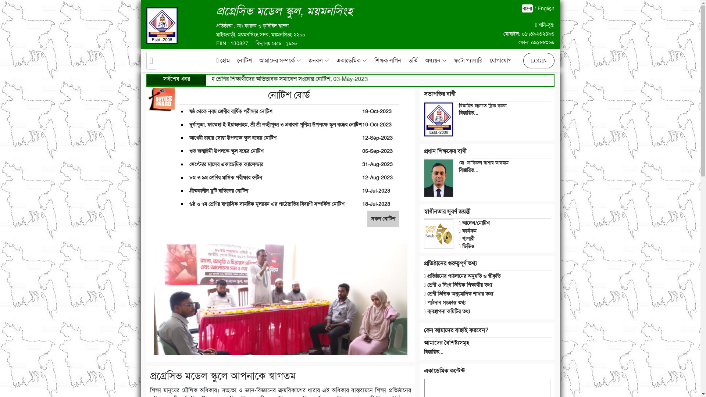 The image size is (706, 397). What do you see at coordinates (377, 111) in the screenshot?
I see `'19-Oct-2023'` at bounding box center [377, 111].